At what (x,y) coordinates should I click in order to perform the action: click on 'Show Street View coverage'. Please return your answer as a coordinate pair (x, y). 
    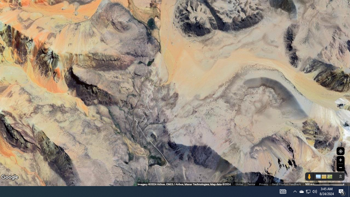
    Looking at the image, I should click on (309, 176).